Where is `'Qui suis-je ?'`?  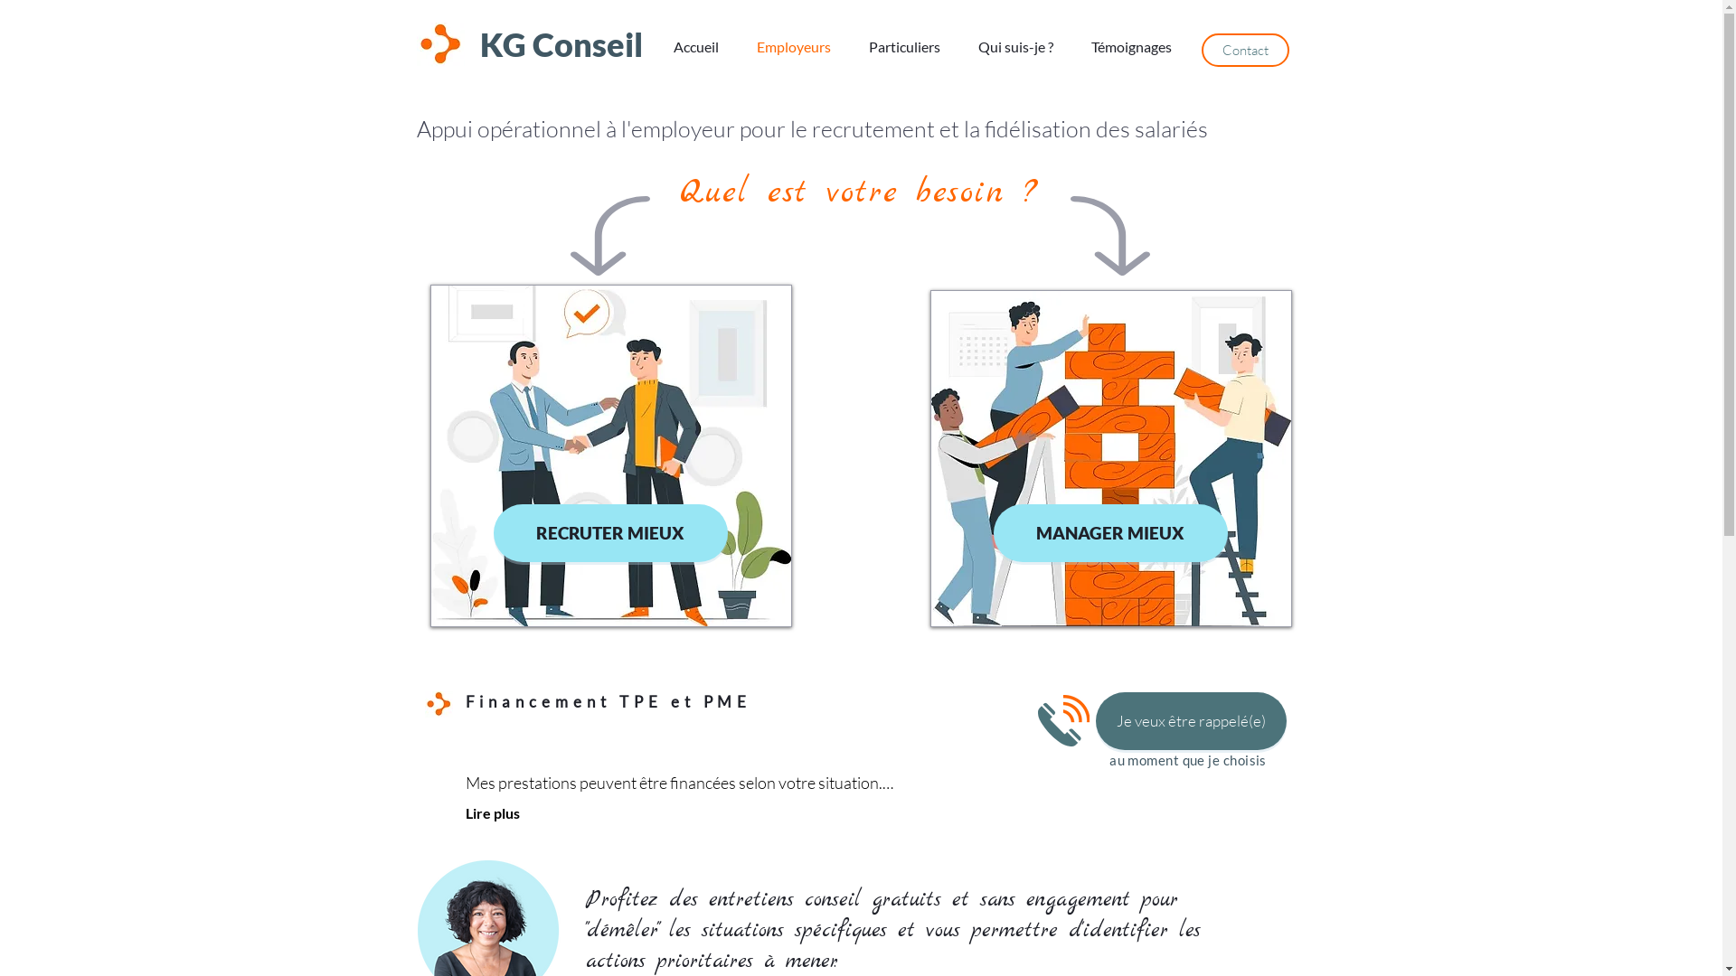 'Qui suis-je ?' is located at coordinates (1020, 51).